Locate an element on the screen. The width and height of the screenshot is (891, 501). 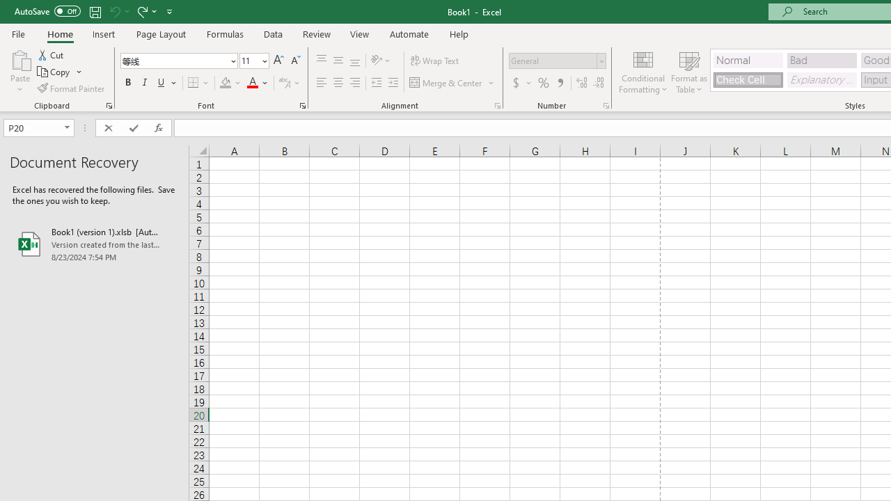
'Copy' is located at coordinates (59, 72).